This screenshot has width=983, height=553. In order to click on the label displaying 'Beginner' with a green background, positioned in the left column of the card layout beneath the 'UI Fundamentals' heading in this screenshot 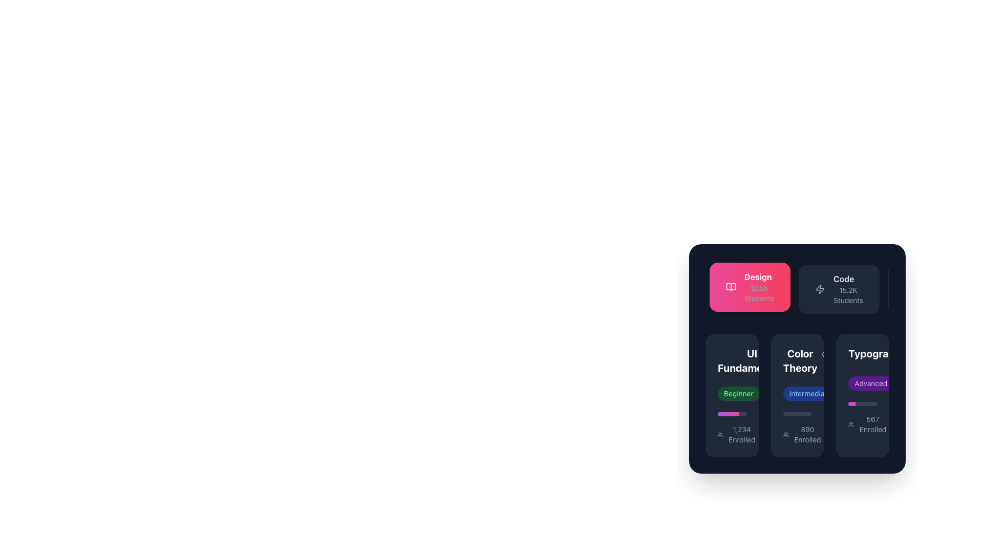, I will do `click(731, 393)`.